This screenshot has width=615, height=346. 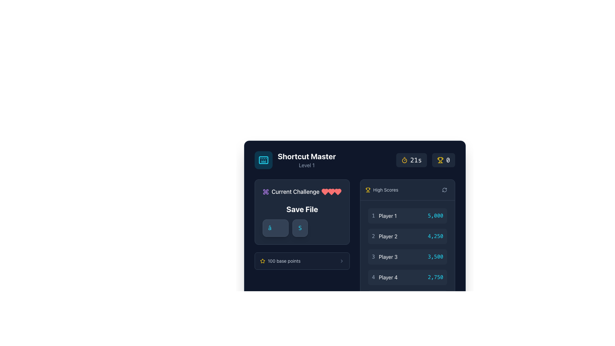 I want to click on the '4 Player 4' text label, which is the fourth entry in the 'High Scores' list, to associate it with the neighboring score of '2,750', so click(x=384, y=277).